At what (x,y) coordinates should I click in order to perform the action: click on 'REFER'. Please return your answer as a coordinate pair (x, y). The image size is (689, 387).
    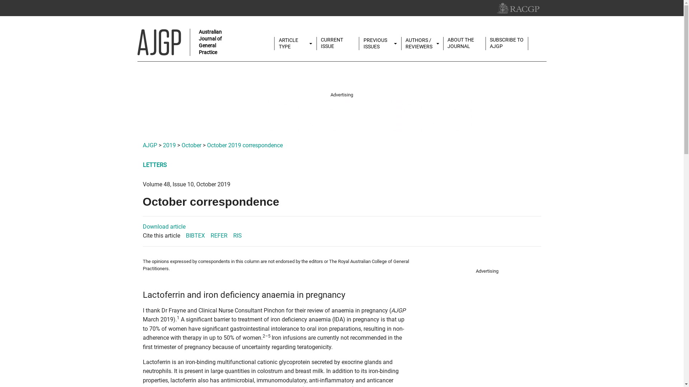
    Looking at the image, I should click on (218, 235).